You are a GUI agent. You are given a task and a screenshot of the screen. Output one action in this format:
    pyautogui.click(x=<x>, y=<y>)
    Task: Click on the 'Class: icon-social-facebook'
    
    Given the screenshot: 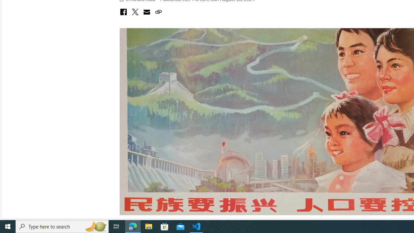 What is the action you would take?
    pyautogui.click(x=123, y=12)
    